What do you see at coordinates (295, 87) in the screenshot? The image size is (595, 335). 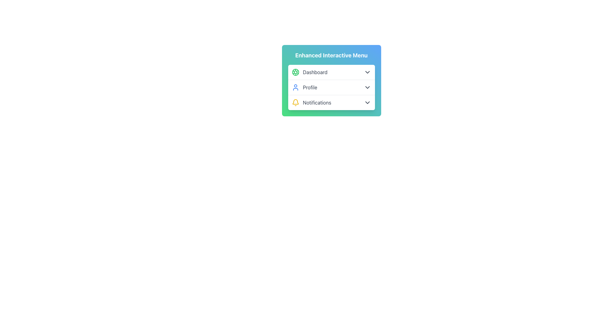 I see `the Profile icon located in the middle section of the menu to the left of the text label 'Profile'` at bounding box center [295, 87].